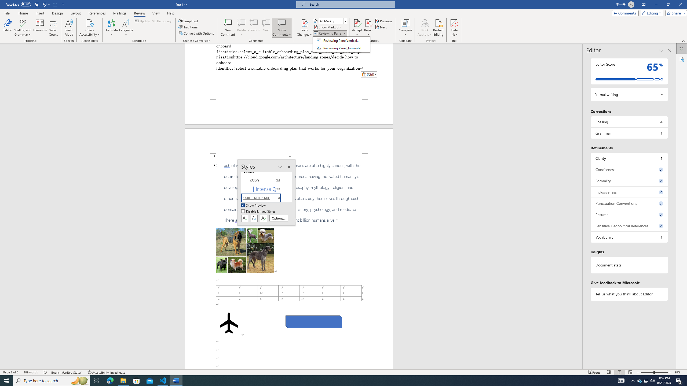  I want to click on 'Check Accessibility', so click(90, 28).